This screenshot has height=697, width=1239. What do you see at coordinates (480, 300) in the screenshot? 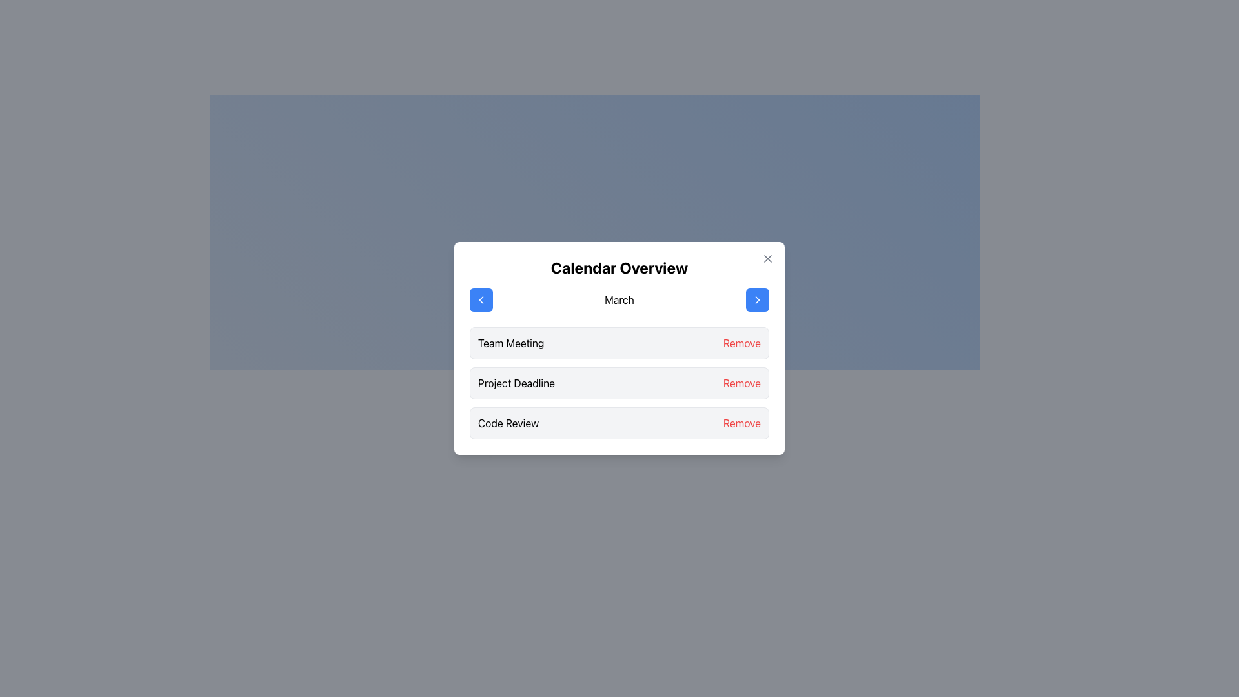
I see `the blue square-shaped button with rounded corners that has a left-pointing arrow icon inside` at bounding box center [480, 300].